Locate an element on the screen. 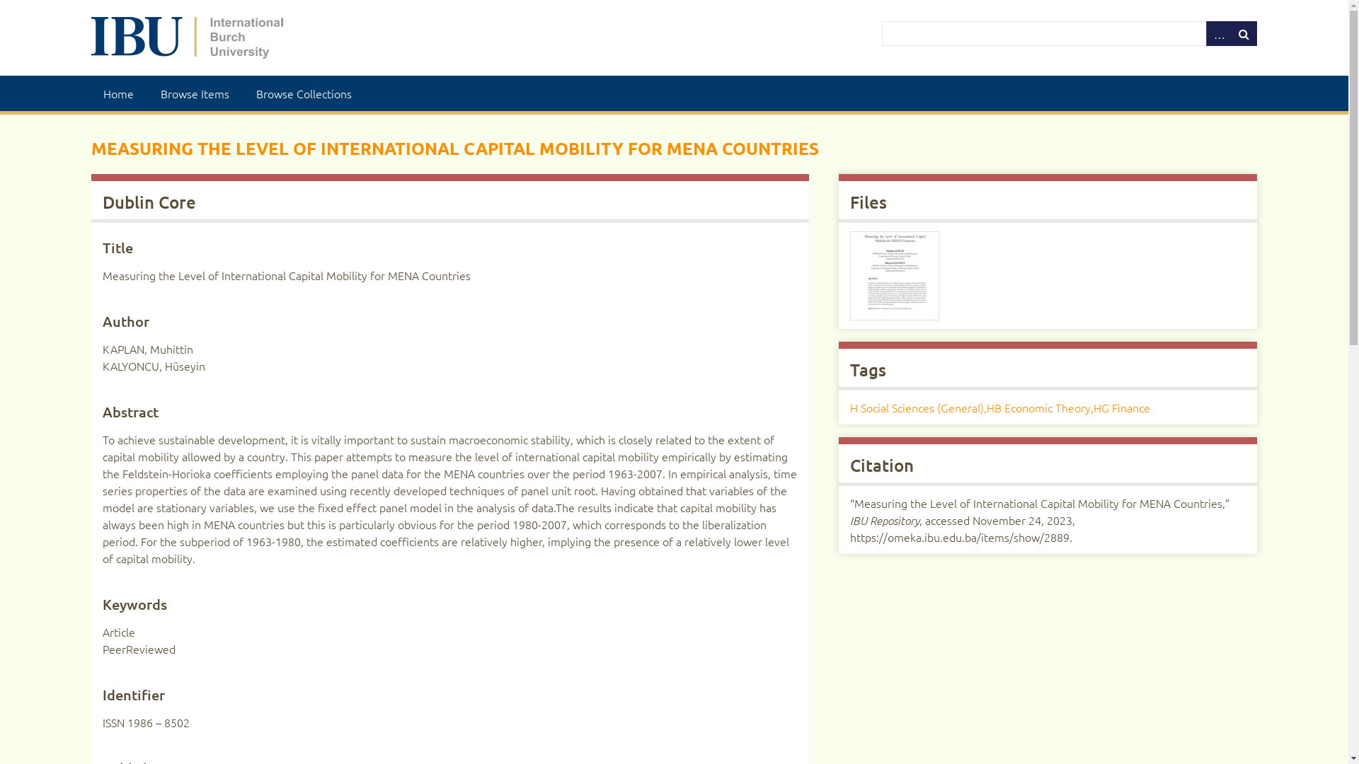 Image resolution: width=1359 pixels, height=764 pixels. 'H Social Sciences (General),HB Economic Theory,HG Finance' is located at coordinates (999, 407).